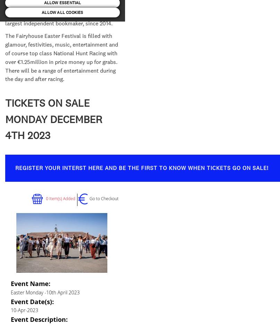  What do you see at coordinates (46, 198) in the screenshot?
I see `'0'` at bounding box center [46, 198].